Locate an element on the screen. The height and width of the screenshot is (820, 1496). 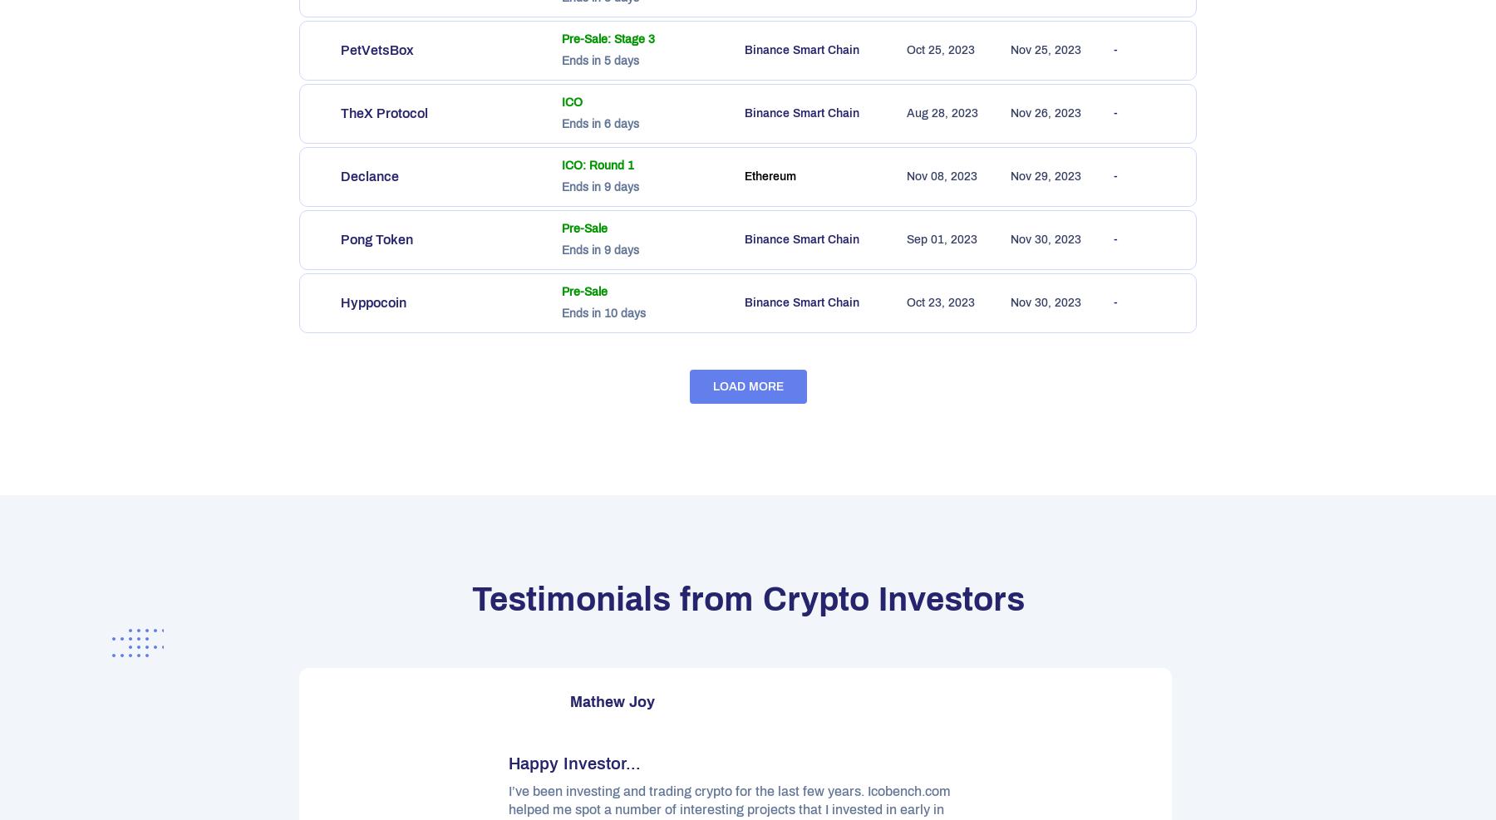
'ICO: Round 1' is located at coordinates (597, 164).